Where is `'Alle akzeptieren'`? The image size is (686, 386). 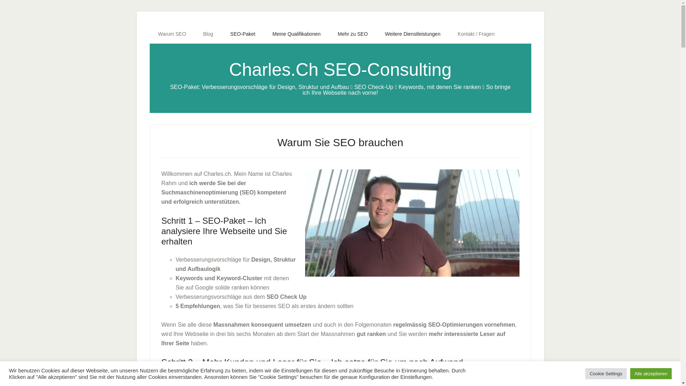
'Alle akzeptieren' is located at coordinates (651, 373).